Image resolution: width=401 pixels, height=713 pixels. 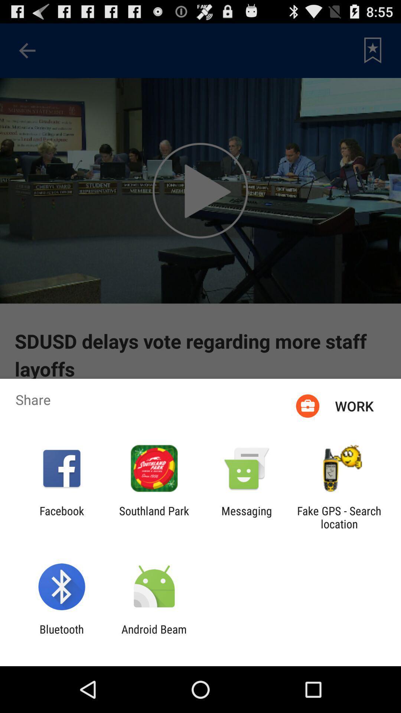 I want to click on messaging app, so click(x=247, y=517).